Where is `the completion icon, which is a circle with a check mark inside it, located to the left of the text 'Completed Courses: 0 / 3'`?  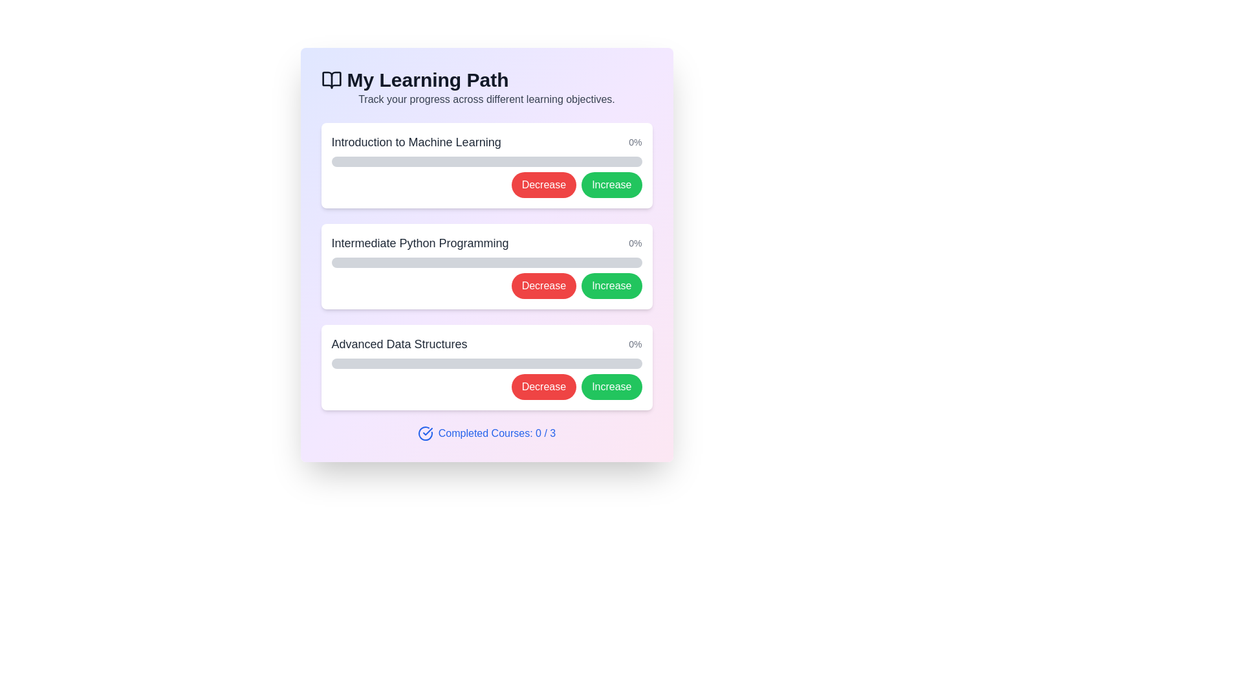
the completion icon, which is a circle with a check mark inside it, located to the left of the text 'Completed Courses: 0 / 3' is located at coordinates (425, 434).